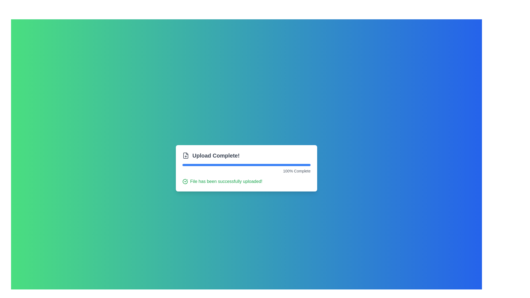 The image size is (530, 298). I want to click on the text label that indicates the successful completion of the file upload, located in the card-like box below the progress bar and the title 'Upload Complete!', so click(226, 182).